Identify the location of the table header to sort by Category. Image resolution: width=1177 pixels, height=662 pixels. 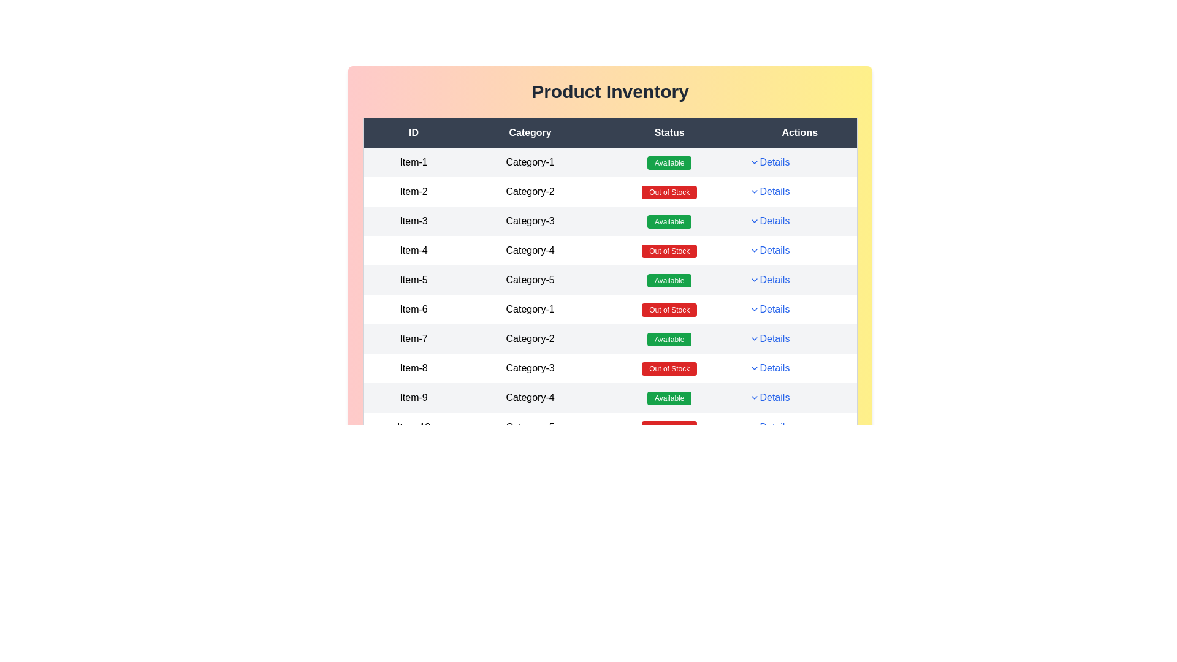
(530, 132).